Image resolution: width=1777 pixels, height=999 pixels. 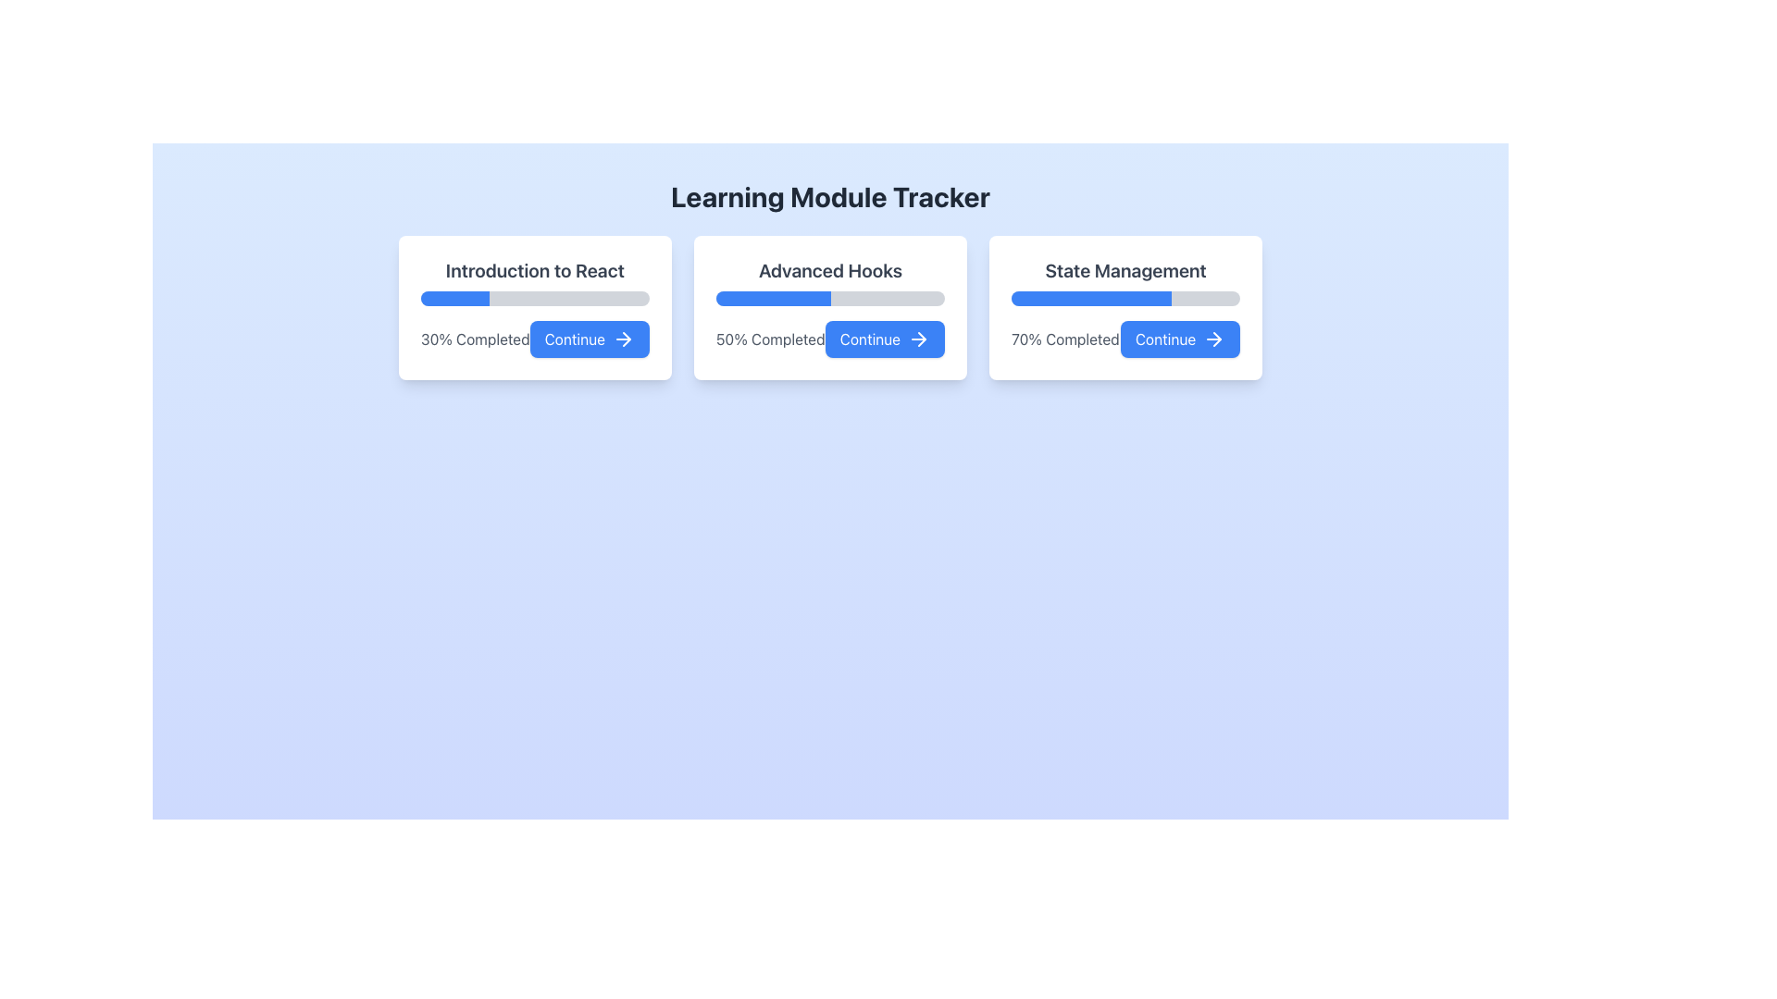 What do you see at coordinates (884, 339) in the screenshot?
I see `the 'Continue' button with a blue background and white text located at the bottom-right of the 'Advanced Hooks' card by` at bounding box center [884, 339].